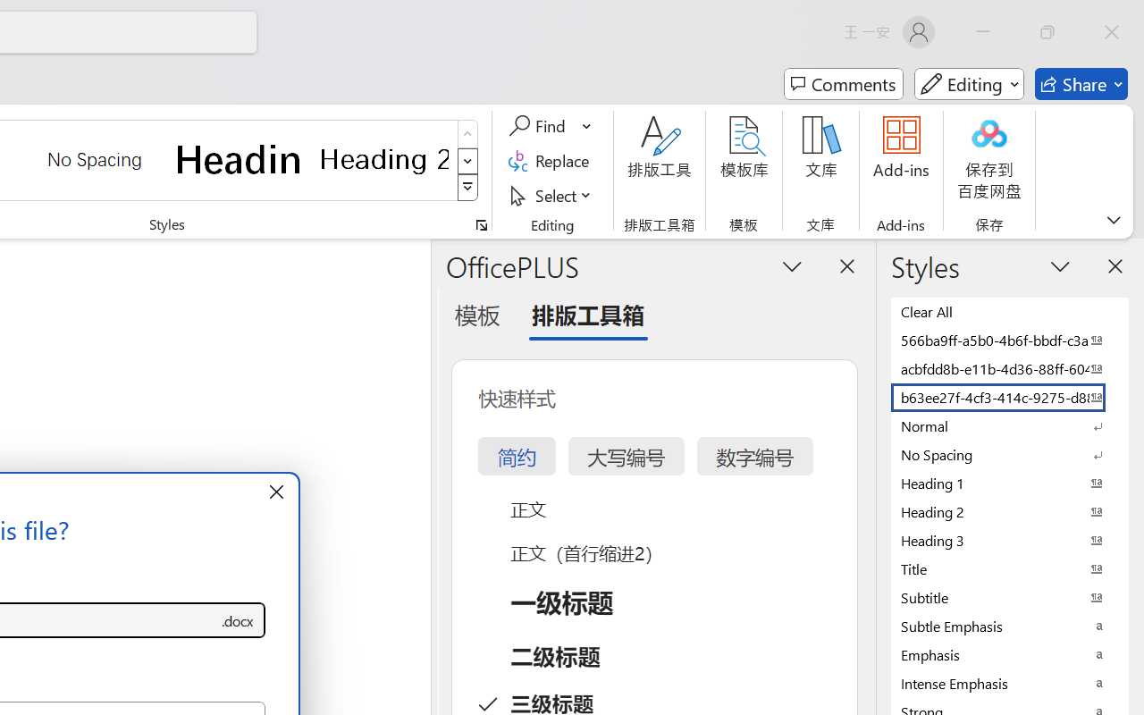 This screenshot has height=715, width=1144. Describe the element at coordinates (1010, 597) in the screenshot. I see `'Subtitle'` at that location.